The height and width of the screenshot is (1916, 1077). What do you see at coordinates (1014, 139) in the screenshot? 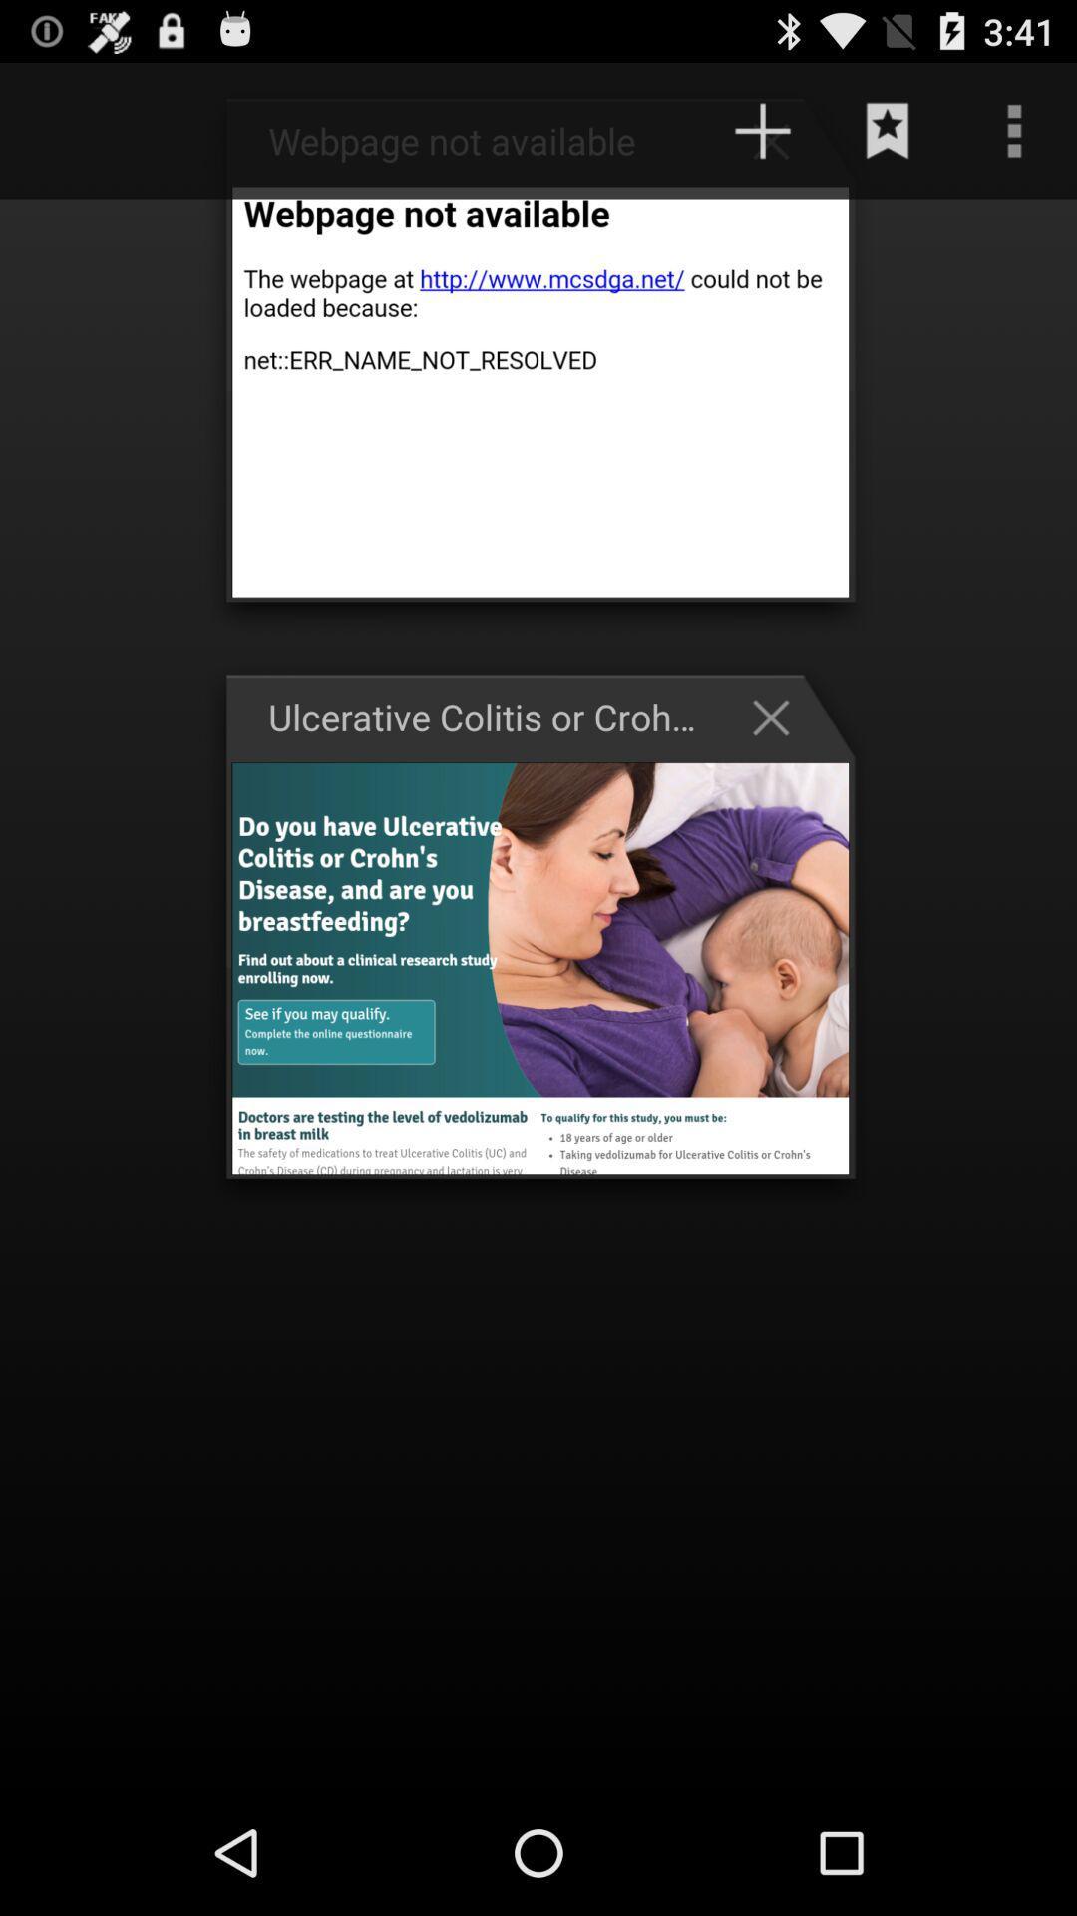
I see `the more icon` at bounding box center [1014, 139].